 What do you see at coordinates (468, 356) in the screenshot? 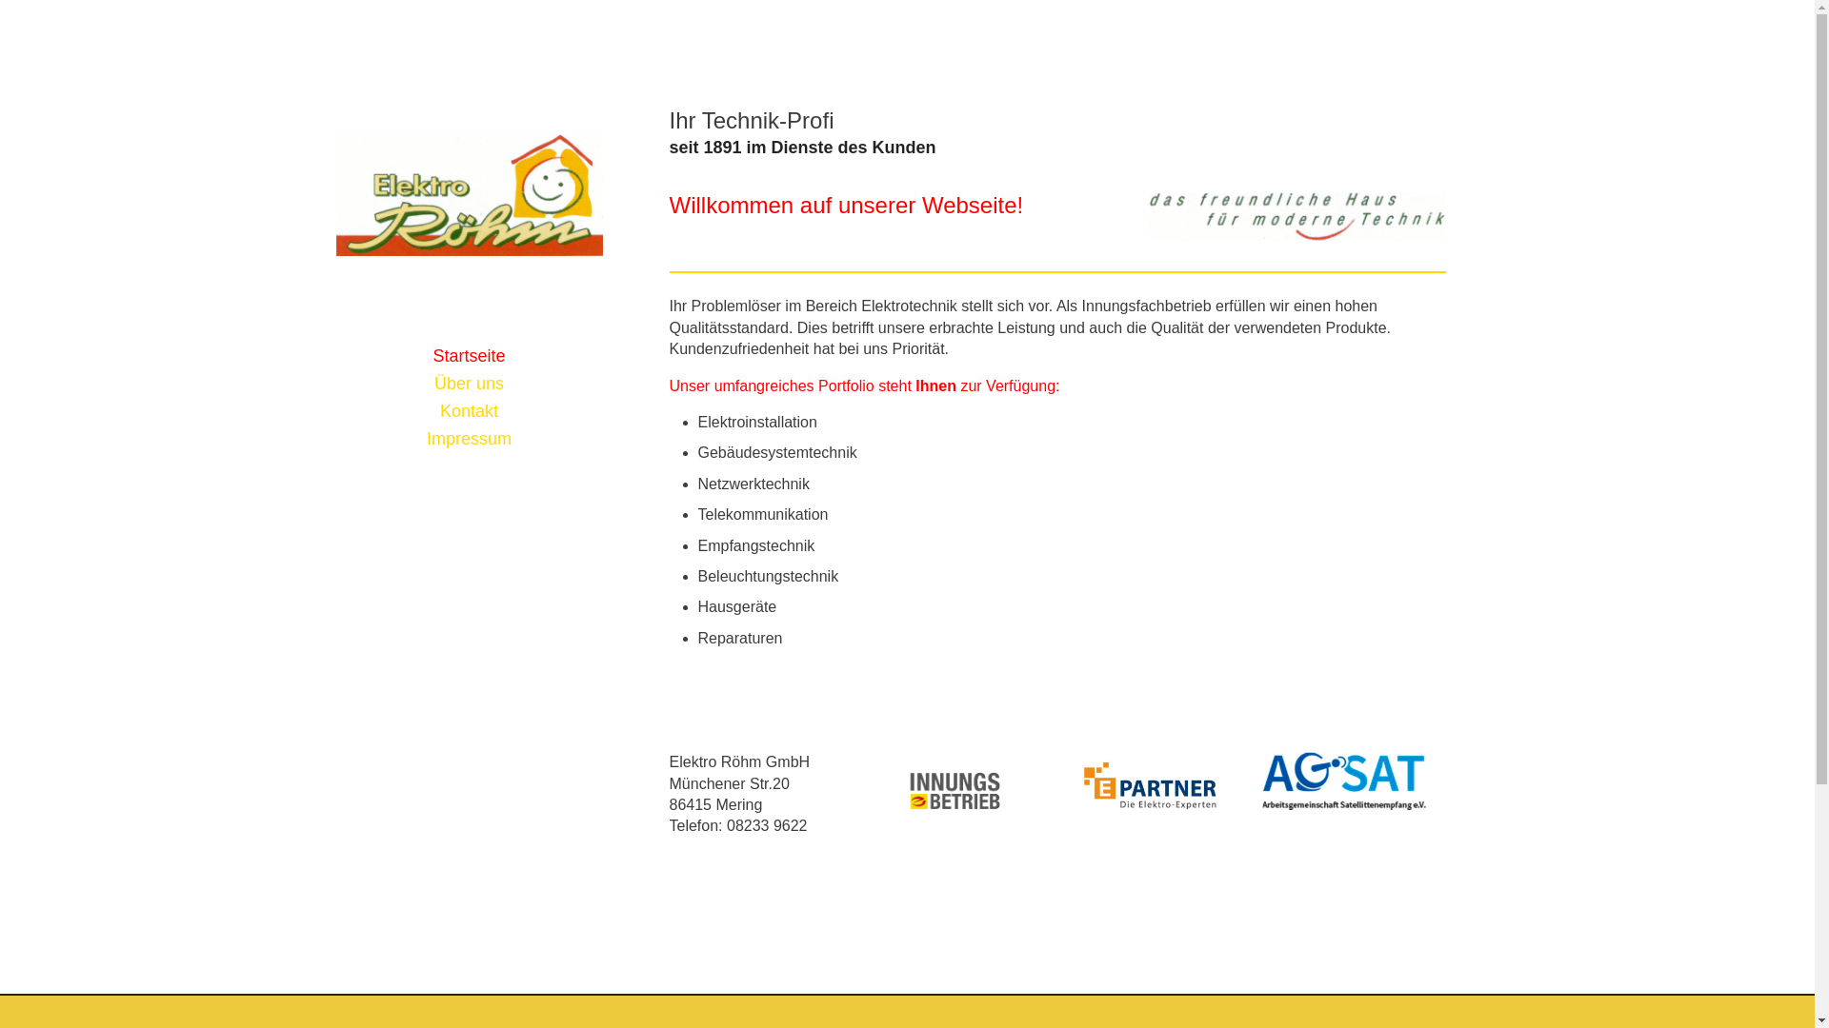
I see `'Startseite'` at bounding box center [468, 356].